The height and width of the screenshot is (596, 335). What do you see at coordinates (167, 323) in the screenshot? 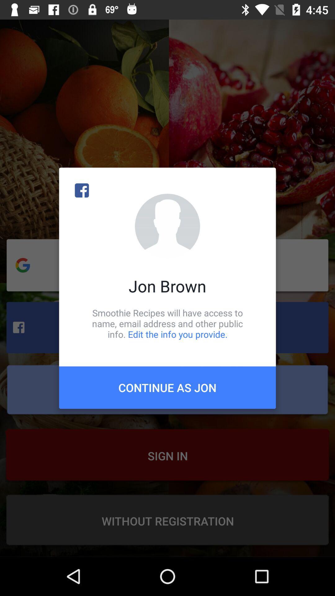
I see `the smoothie recipes will item` at bounding box center [167, 323].